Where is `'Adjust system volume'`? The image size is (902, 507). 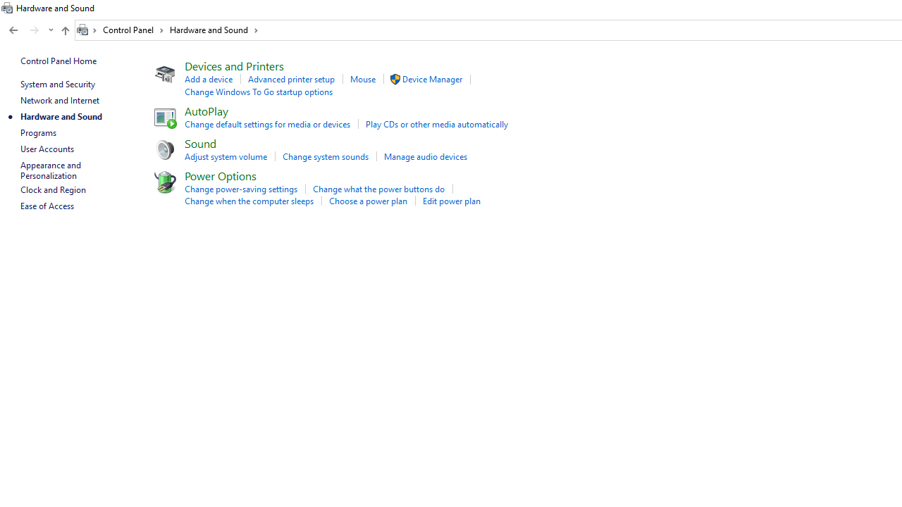
'Adjust system volume' is located at coordinates (225, 156).